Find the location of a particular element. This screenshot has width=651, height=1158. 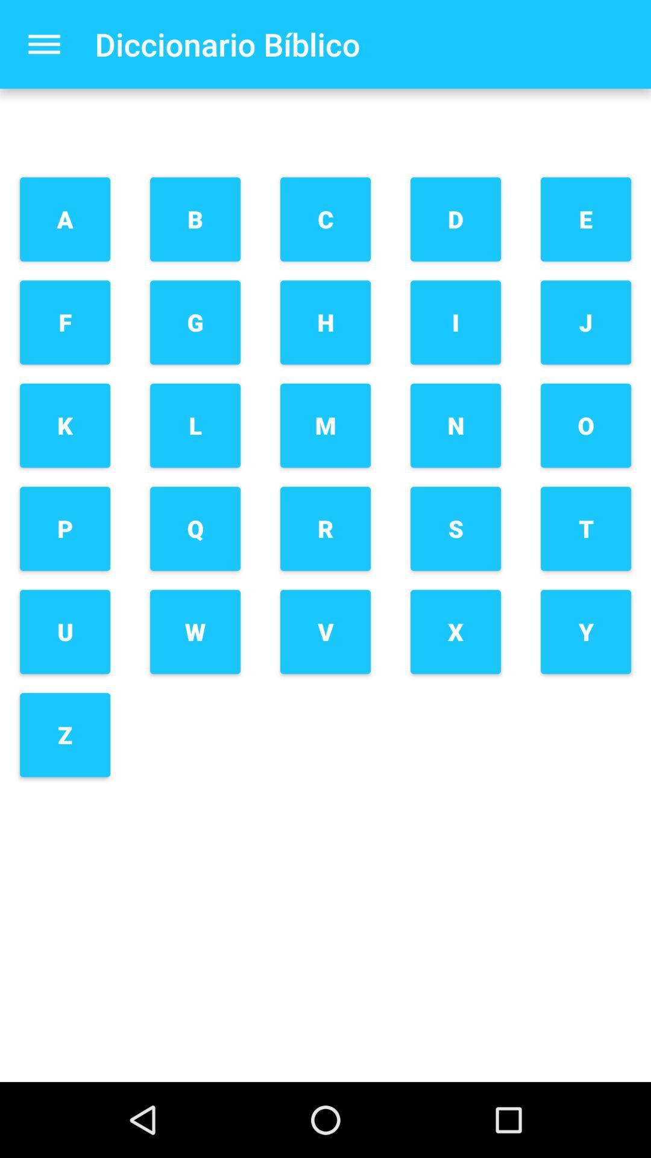

button below k button is located at coordinates (65, 528).